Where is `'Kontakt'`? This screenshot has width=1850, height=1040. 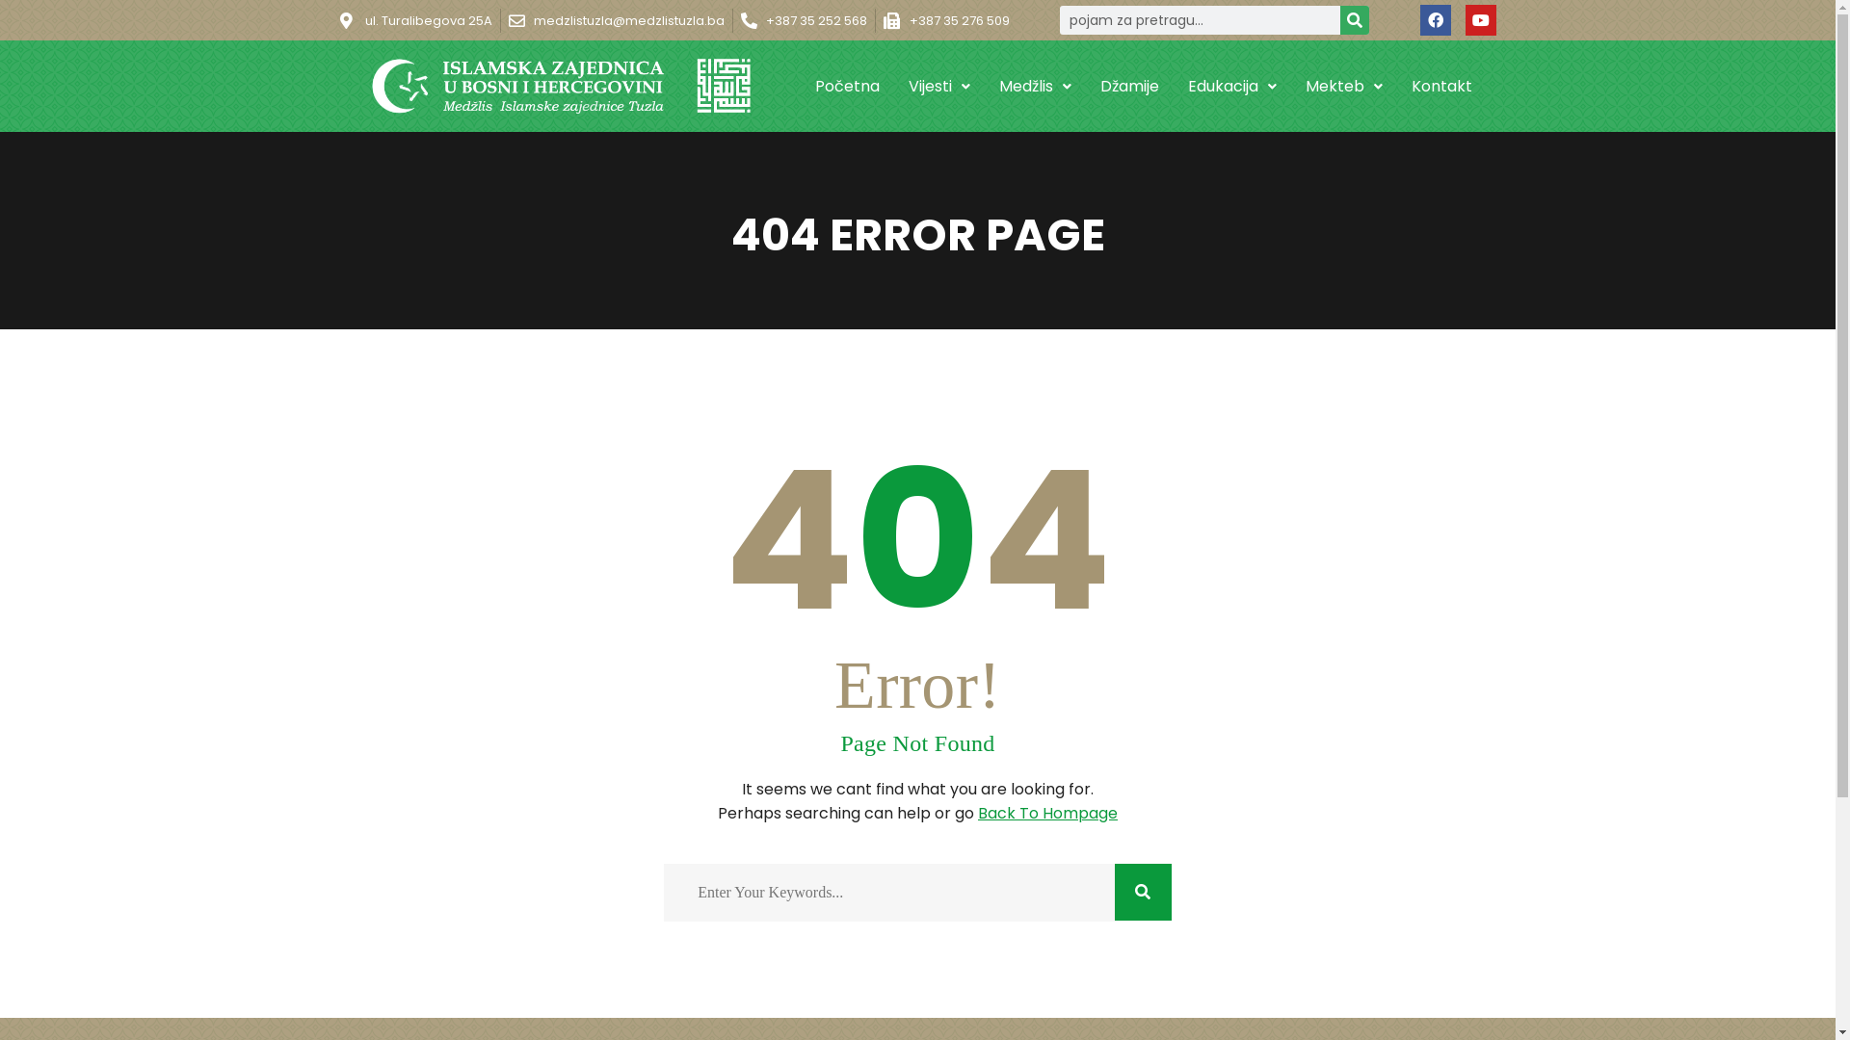
'Kontakt' is located at coordinates (1441, 84).